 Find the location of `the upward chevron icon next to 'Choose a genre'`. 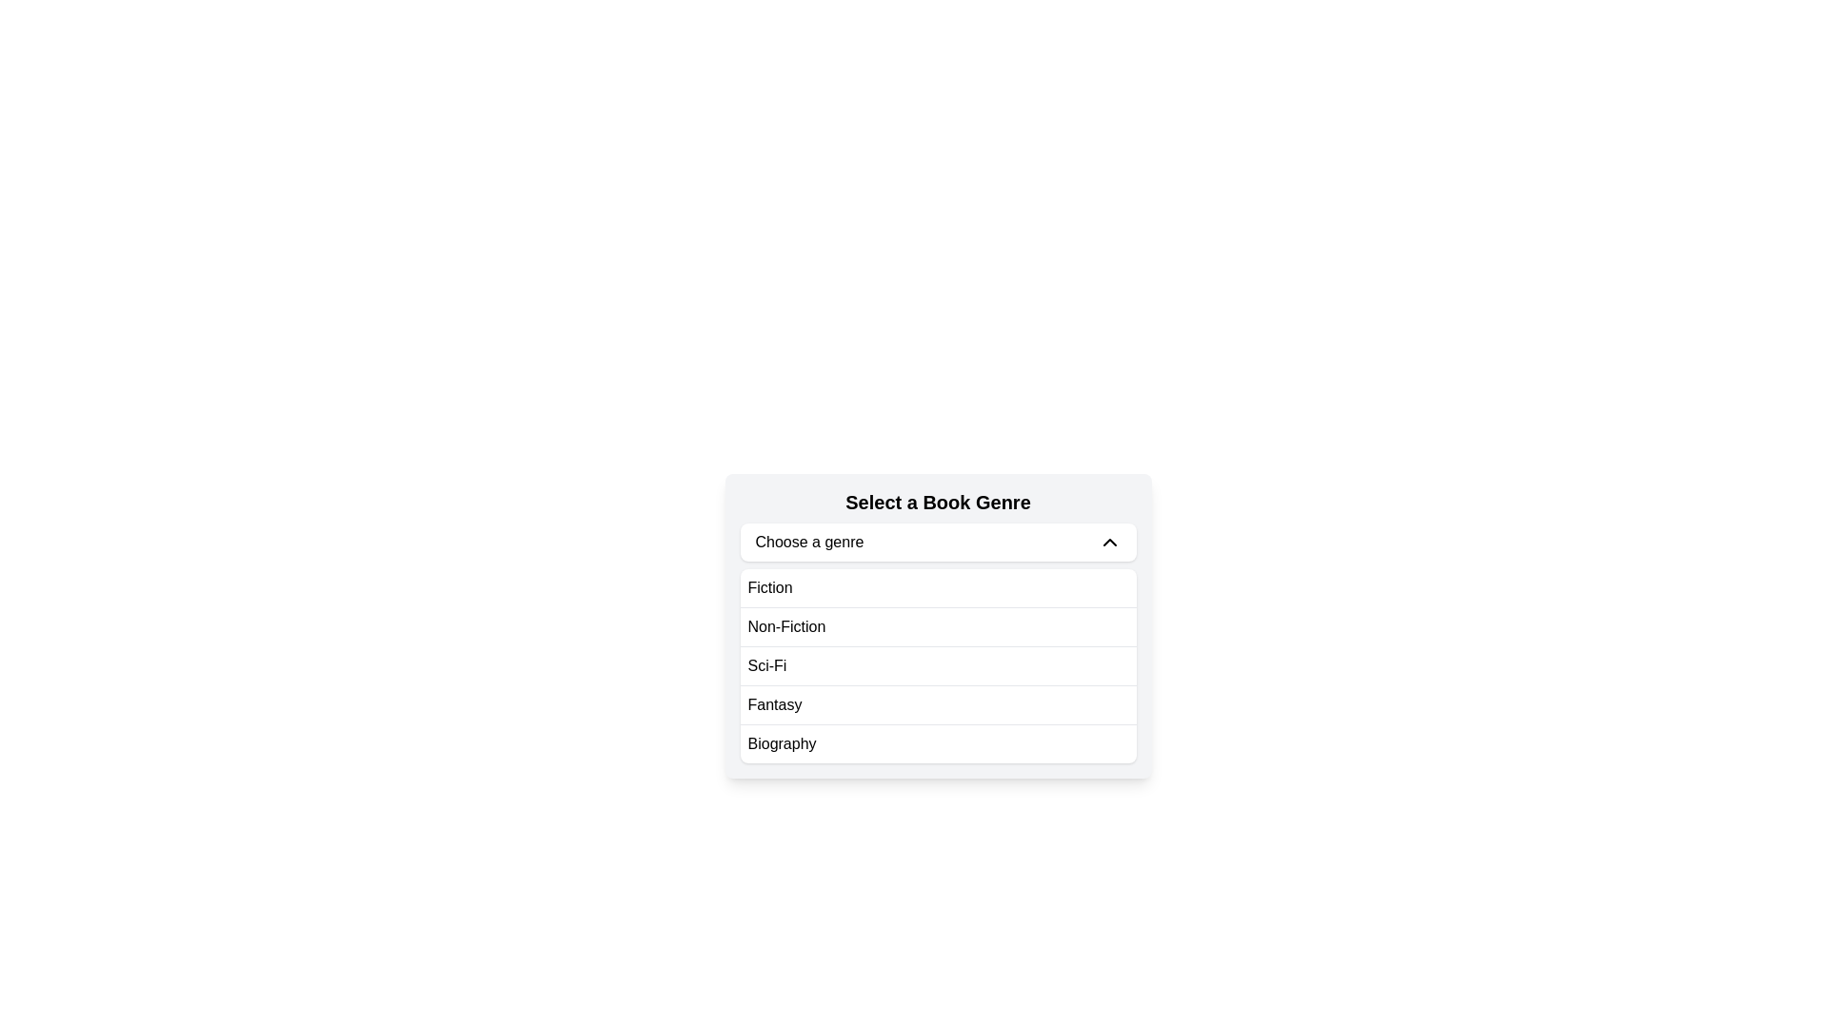

the upward chevron icon next to 'Choose a genre' is located at coordinates (1109, 543).